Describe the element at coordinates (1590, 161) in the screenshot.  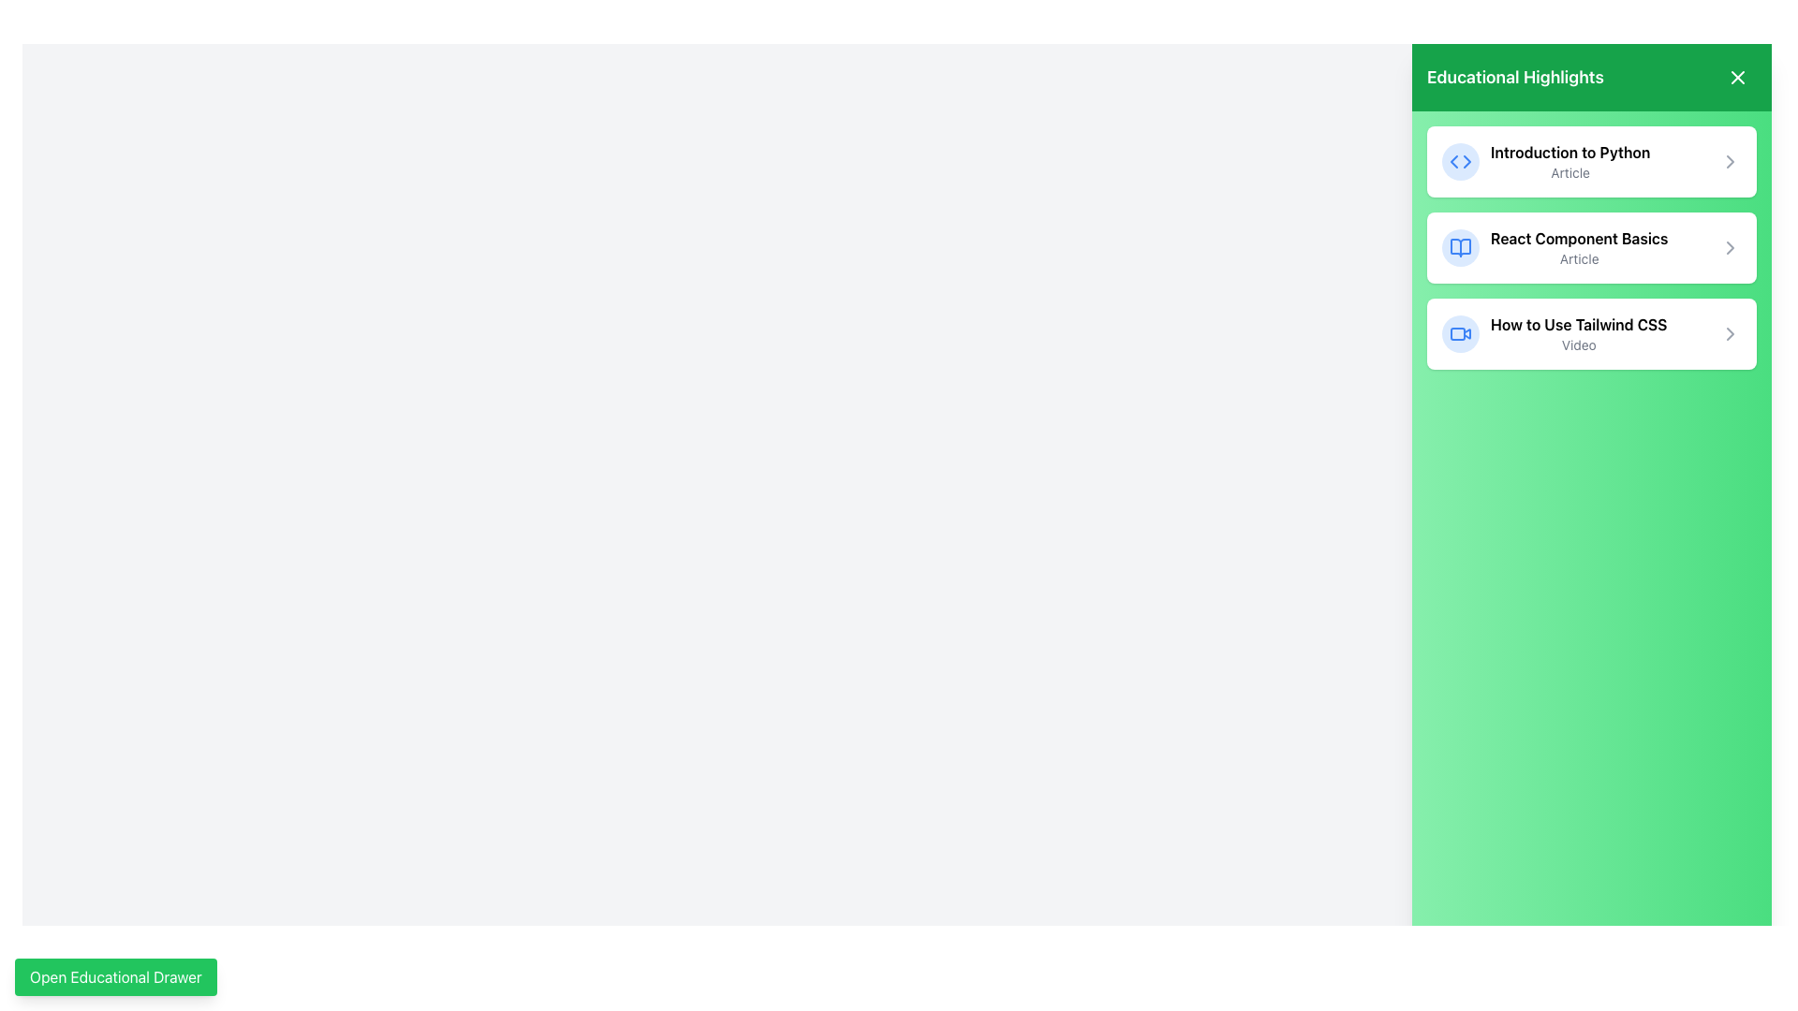
I see `the first list item card in the 'Educational Highlights' section that represents an article about Python` at that location.